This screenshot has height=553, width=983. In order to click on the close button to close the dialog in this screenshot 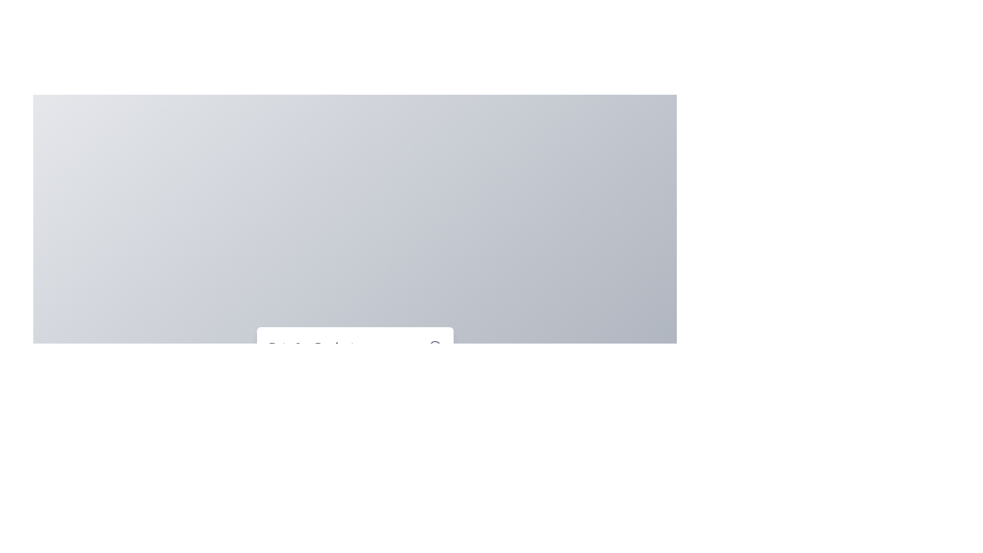, I will do `click(435, 346)`.